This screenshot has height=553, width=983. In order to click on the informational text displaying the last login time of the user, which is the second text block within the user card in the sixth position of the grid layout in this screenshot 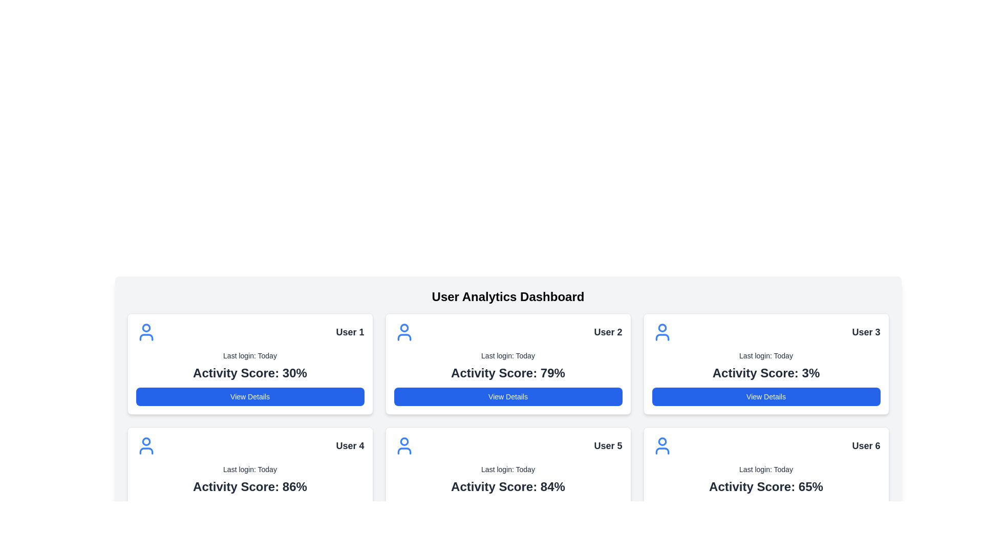, I will do `click(766, 470)`.